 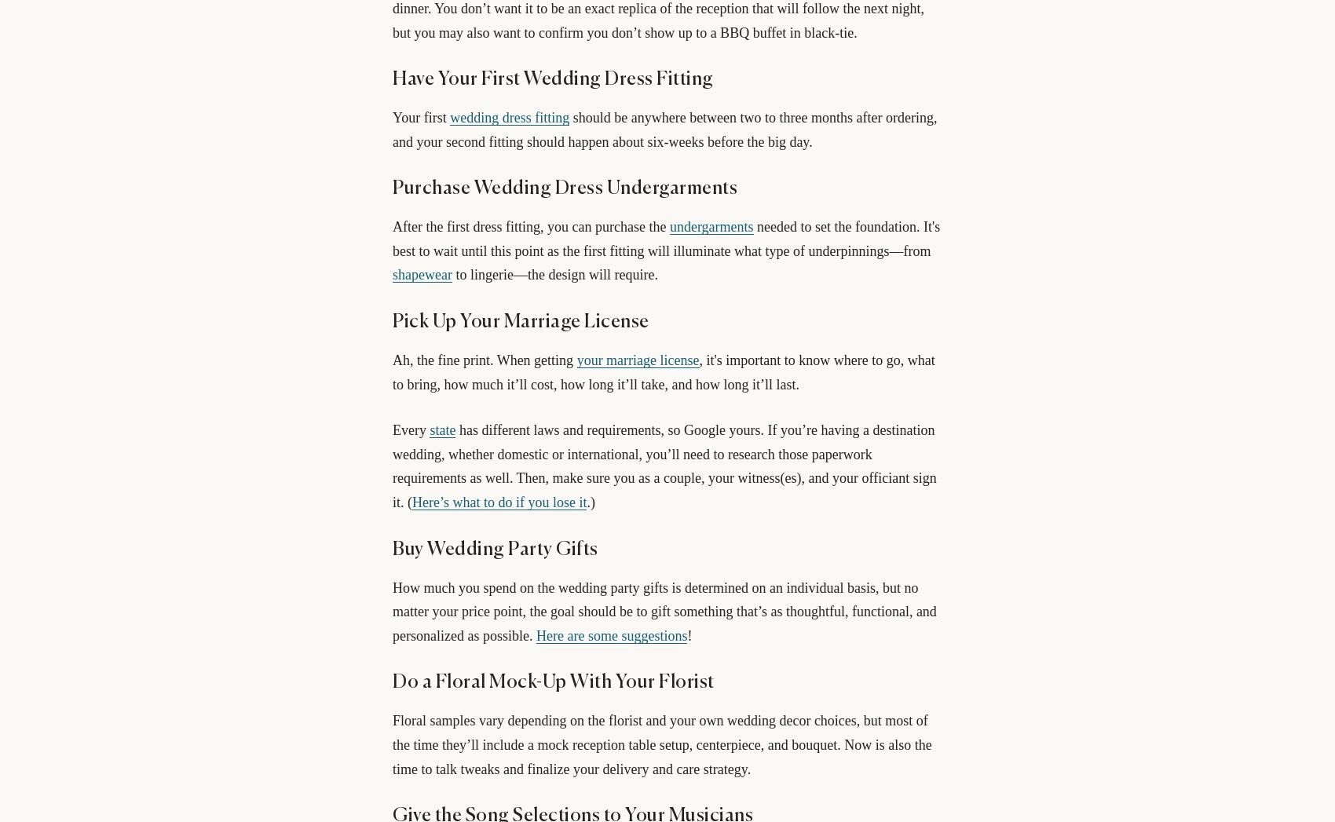 What do you see at coordinates (510, 118) in the screenshot?
I see `'wedding dress fitting'` at bounding box center [510, 118].